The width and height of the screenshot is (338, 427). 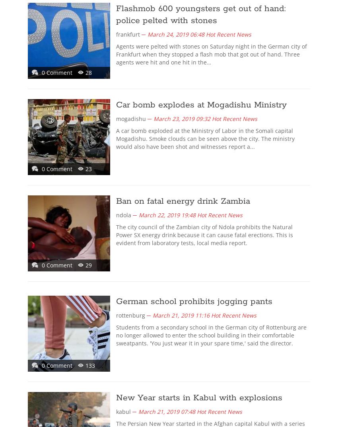 I want to click on '28', so click(x=89, y=72).